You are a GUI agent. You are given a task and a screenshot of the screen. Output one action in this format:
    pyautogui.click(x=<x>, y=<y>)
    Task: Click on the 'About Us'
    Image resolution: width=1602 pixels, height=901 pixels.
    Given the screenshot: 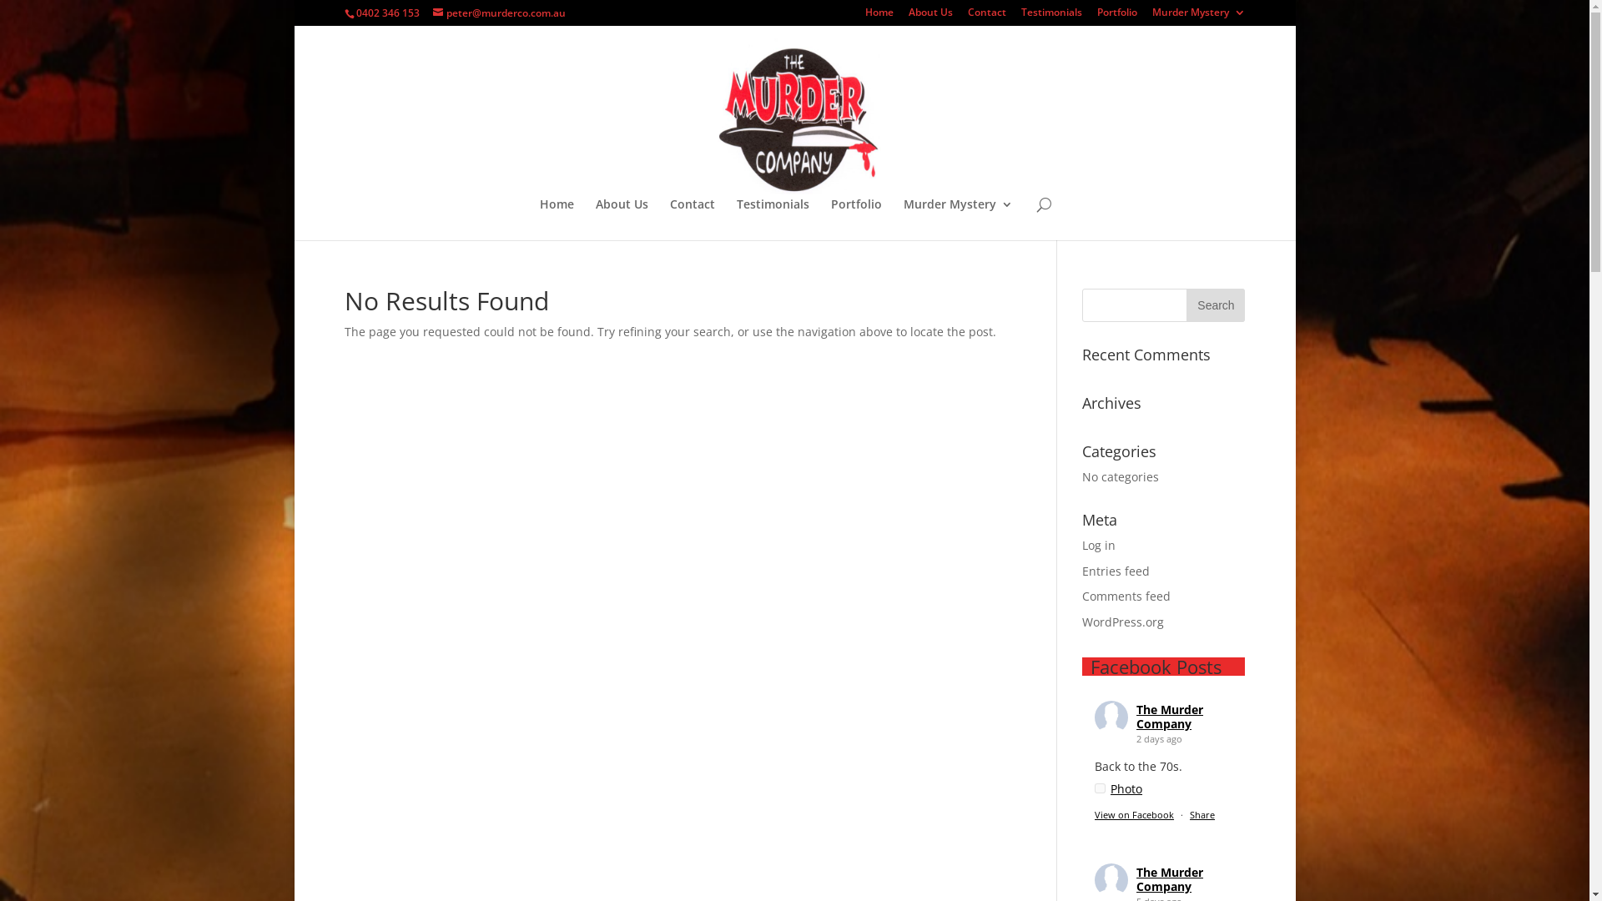 What is the action you would take?
    pyautogui.click(x=621, y=218)
    